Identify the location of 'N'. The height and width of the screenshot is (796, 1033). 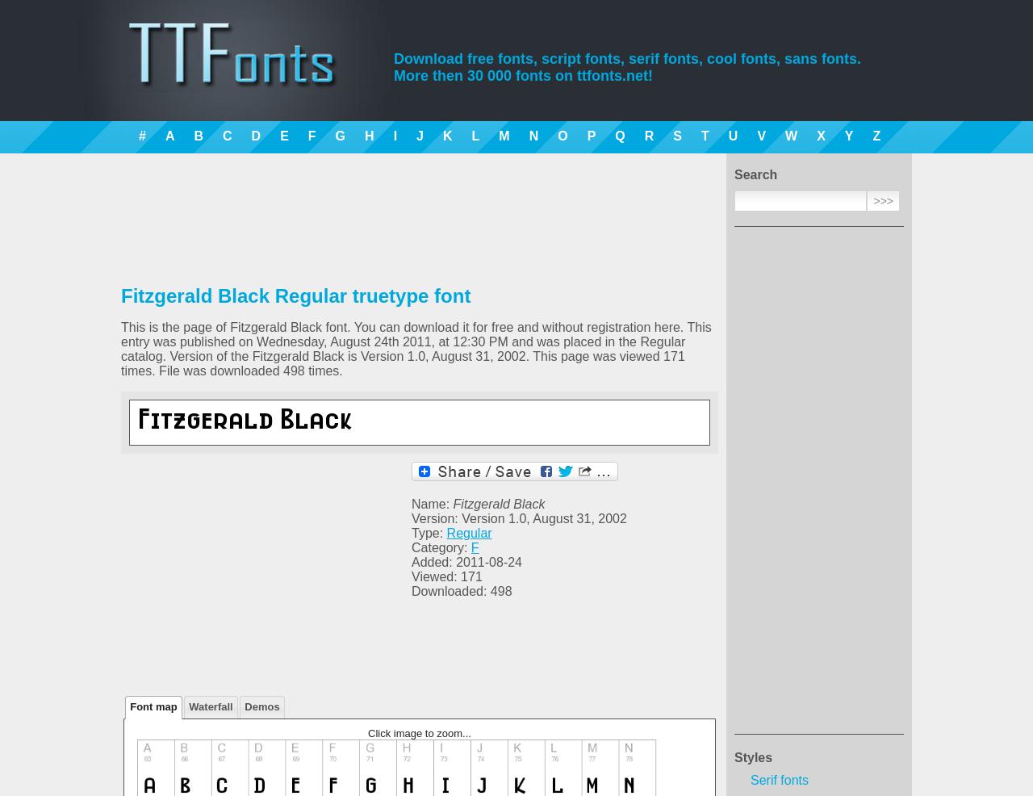
(533, 135).